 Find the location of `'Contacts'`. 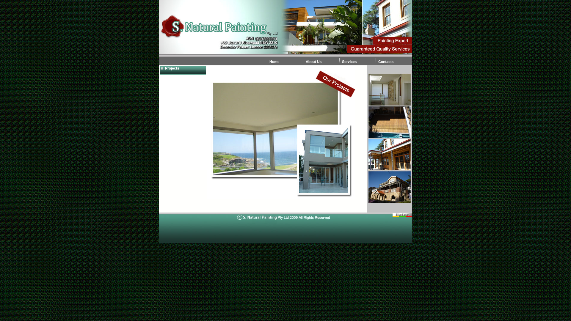

'Contacts' is located at coordinates (386, 62).